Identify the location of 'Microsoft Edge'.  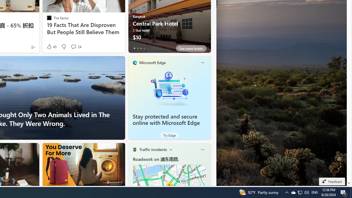
(152, 62).